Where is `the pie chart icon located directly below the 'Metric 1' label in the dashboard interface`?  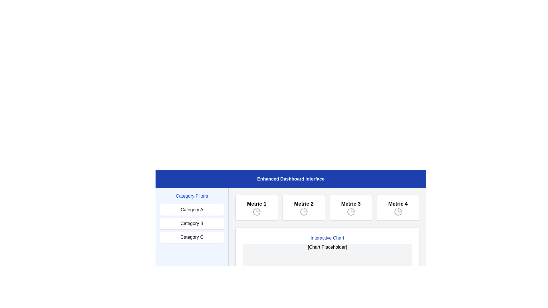
the pie chart icon located directly below the 'Metric 1' label in the dashboard interface is located at coordinates (256, 212).